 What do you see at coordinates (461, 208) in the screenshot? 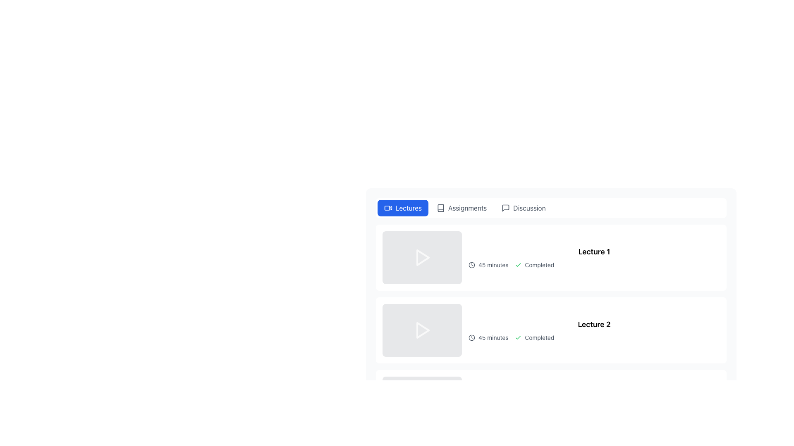
I see `the 'Assignments' button, which is the second button in a horizontal set of three, styled with a light gray background and containing a book icon and gray text` at bounding box center [461, 208].